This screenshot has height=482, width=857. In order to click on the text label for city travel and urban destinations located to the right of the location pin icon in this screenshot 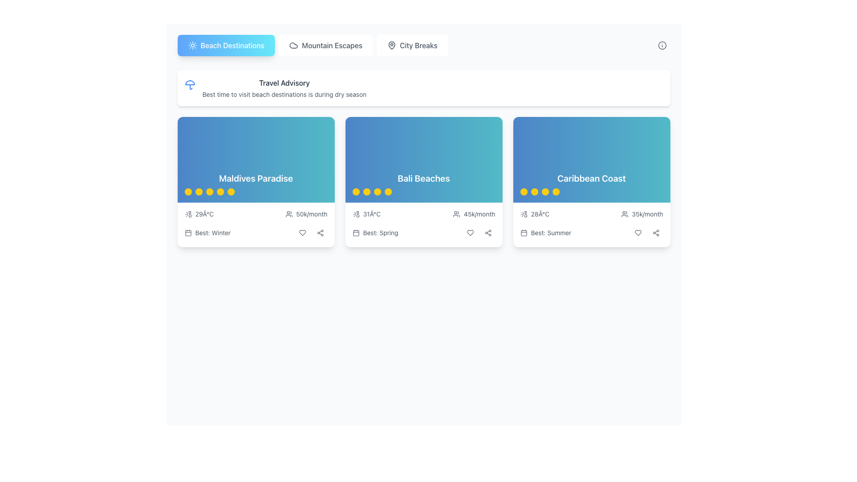, I will do `click(418, 45)`.